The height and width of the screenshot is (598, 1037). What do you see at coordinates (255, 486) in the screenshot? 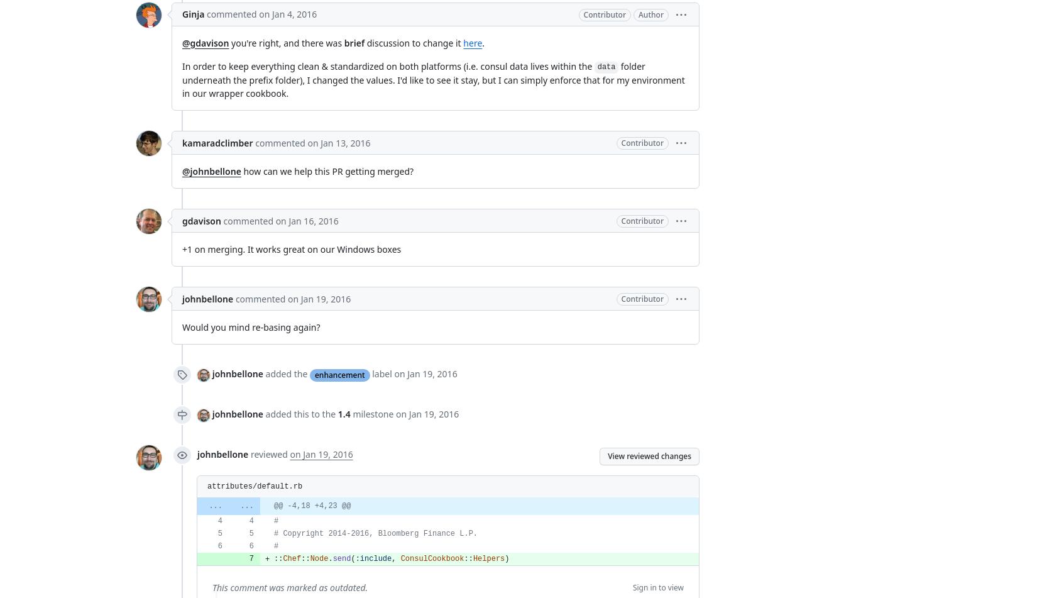
I see `'attributes/default.rb'` at bounding box center [255, 486].